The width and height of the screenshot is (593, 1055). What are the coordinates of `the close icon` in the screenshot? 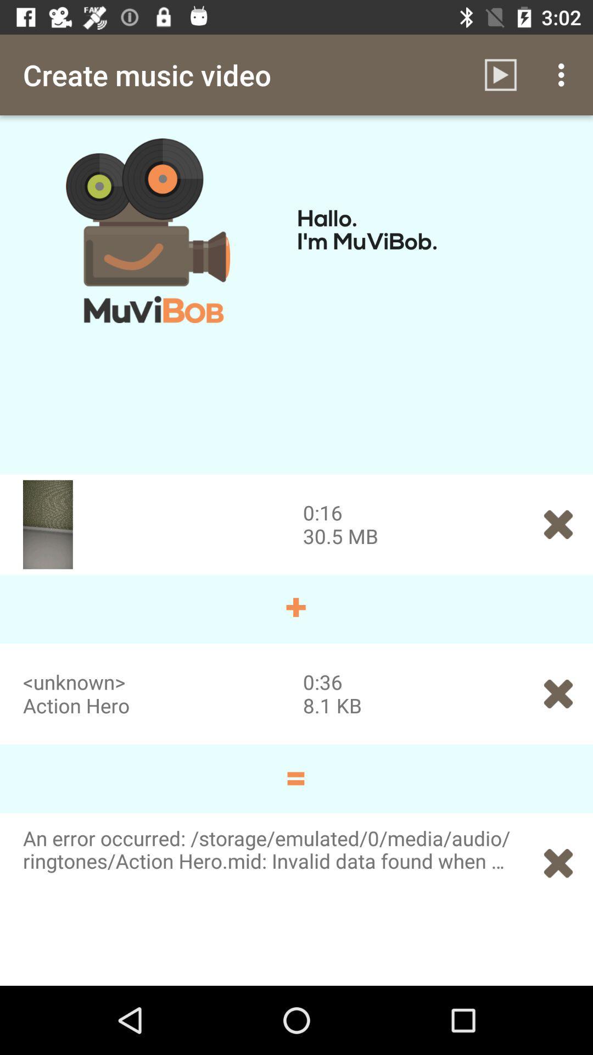 It's located at (558, 524).